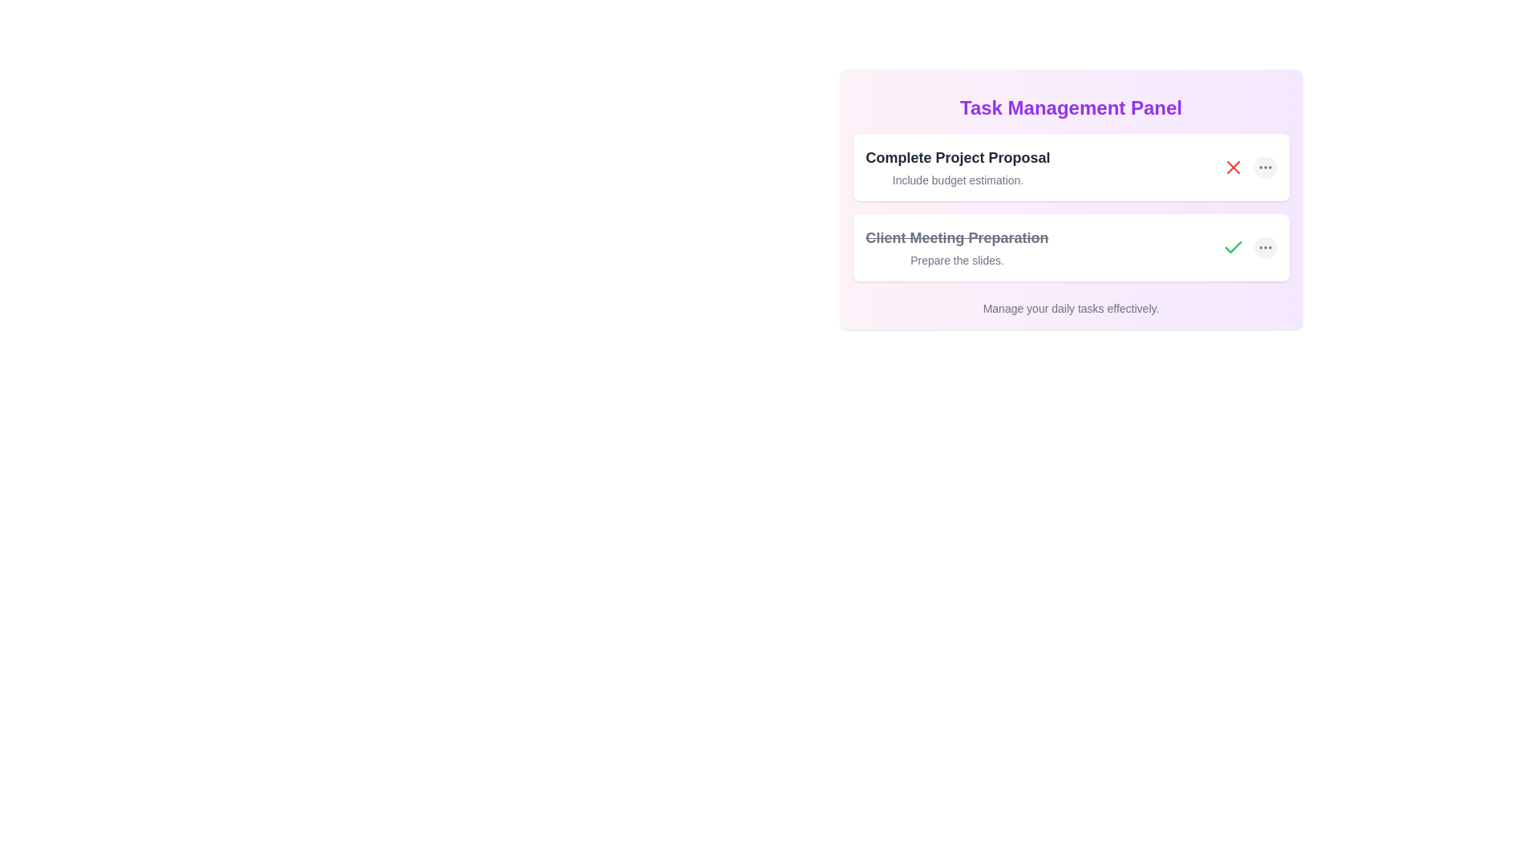 The image size is (1540, 866). I want to click on on the title of the first task entry in the Task Management Panel, which is styled with a gradient background and contains interactive elements, so click(1071, 199).